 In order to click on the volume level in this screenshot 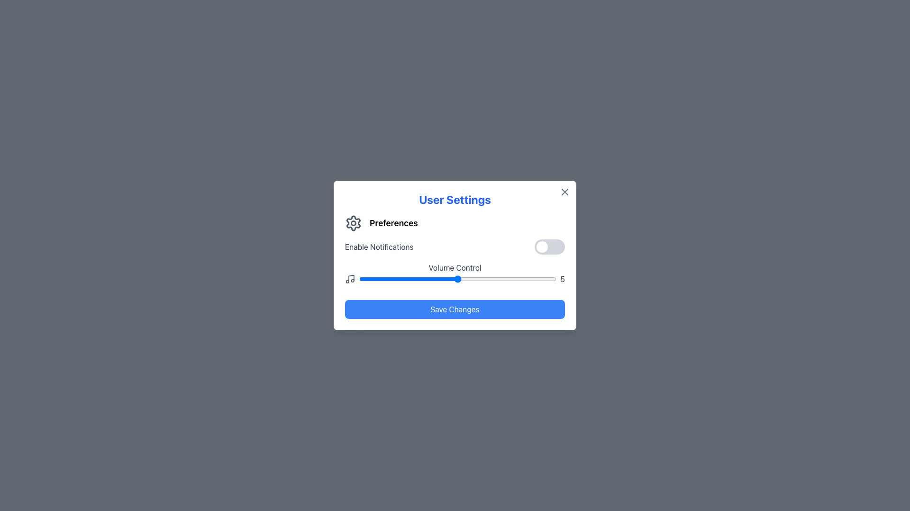, I will do `click(418, 279)`.